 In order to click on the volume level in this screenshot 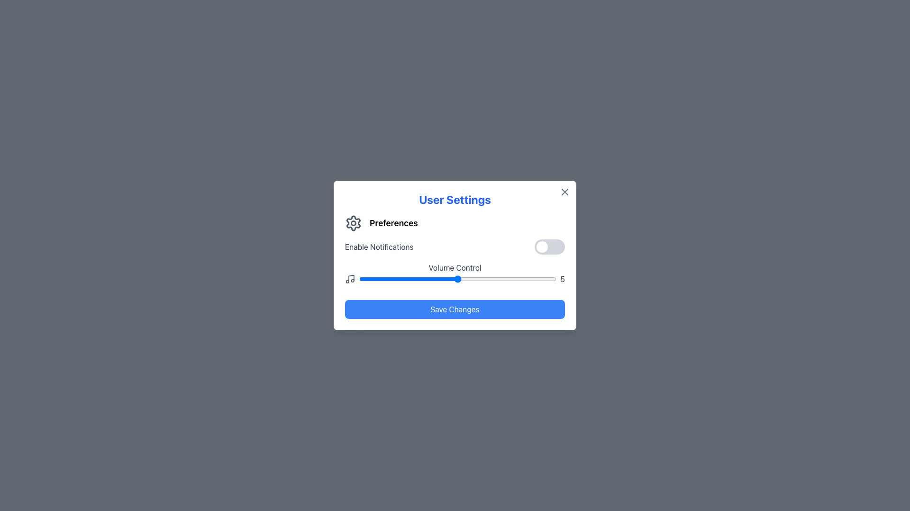, I will do `click(418, 279)`.